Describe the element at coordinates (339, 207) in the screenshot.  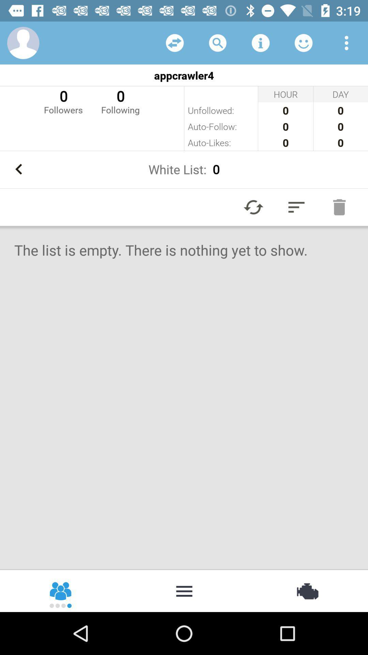
I see `the delete icon` at that location.